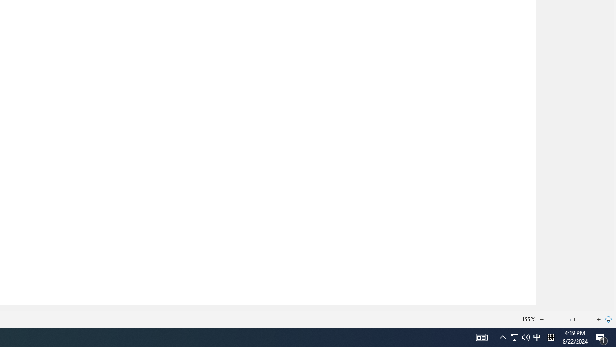 The width and height of the screenshot is (616, 347). What do you see at coordinates (560, 320) in the screenshot?
I see `'Page left'` at bounding box center [560, 320].